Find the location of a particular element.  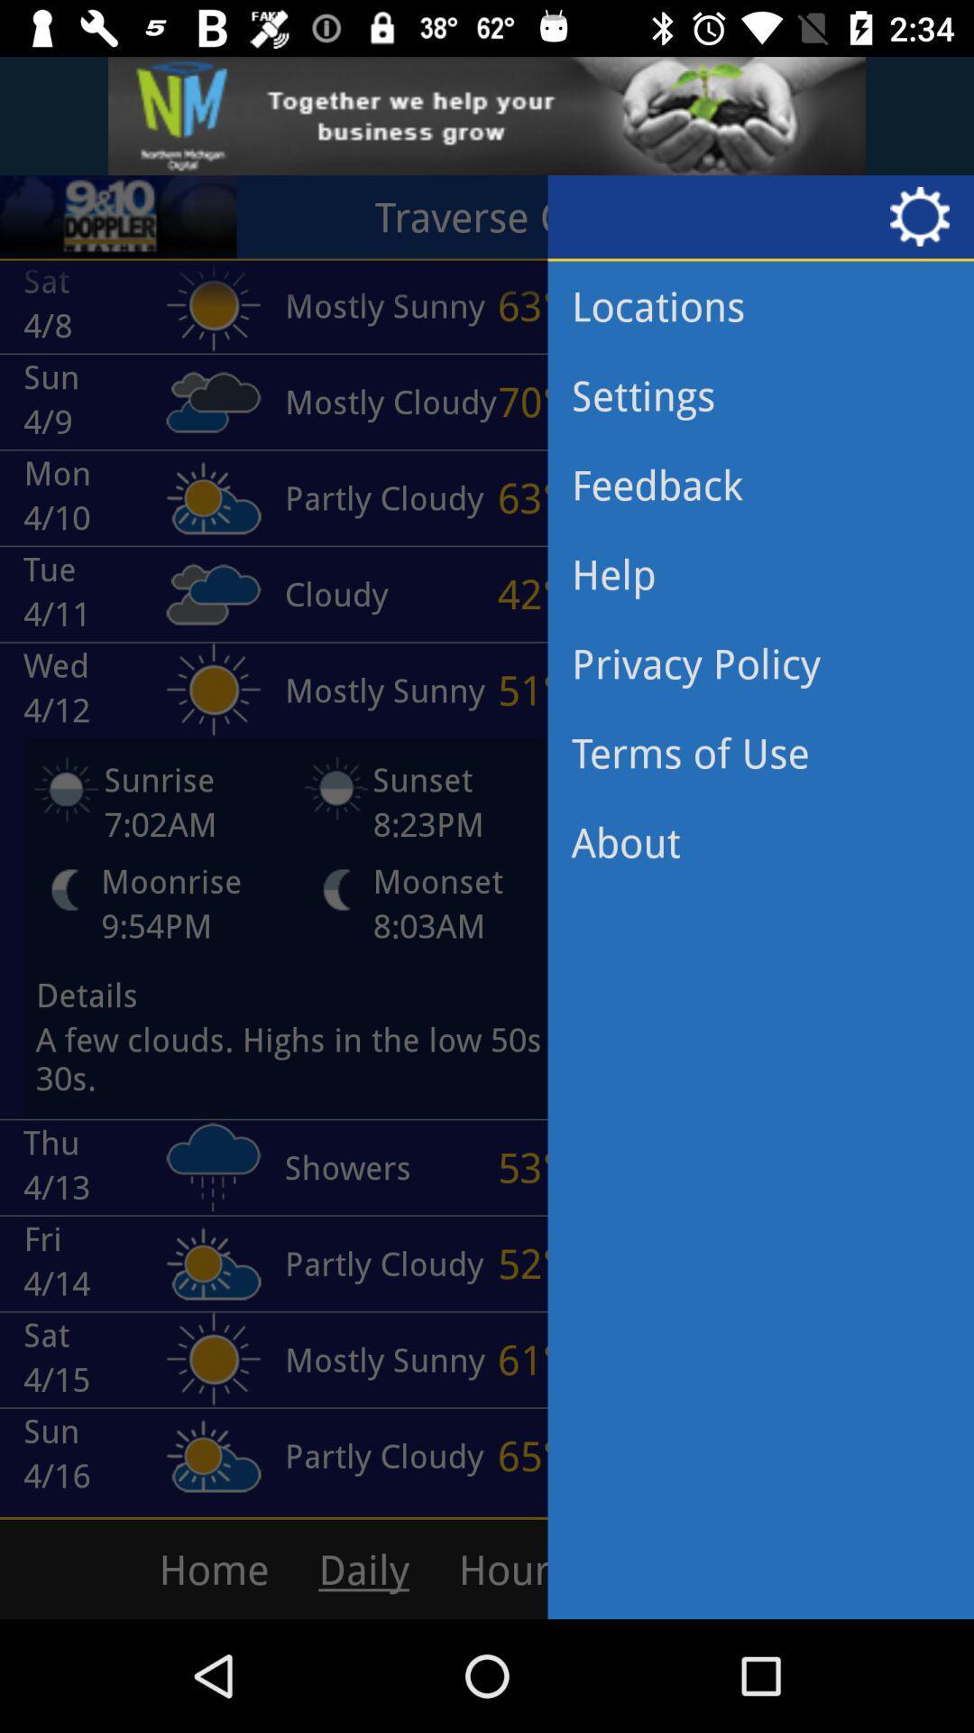

mon 410 is located at coordinates (130, 497).